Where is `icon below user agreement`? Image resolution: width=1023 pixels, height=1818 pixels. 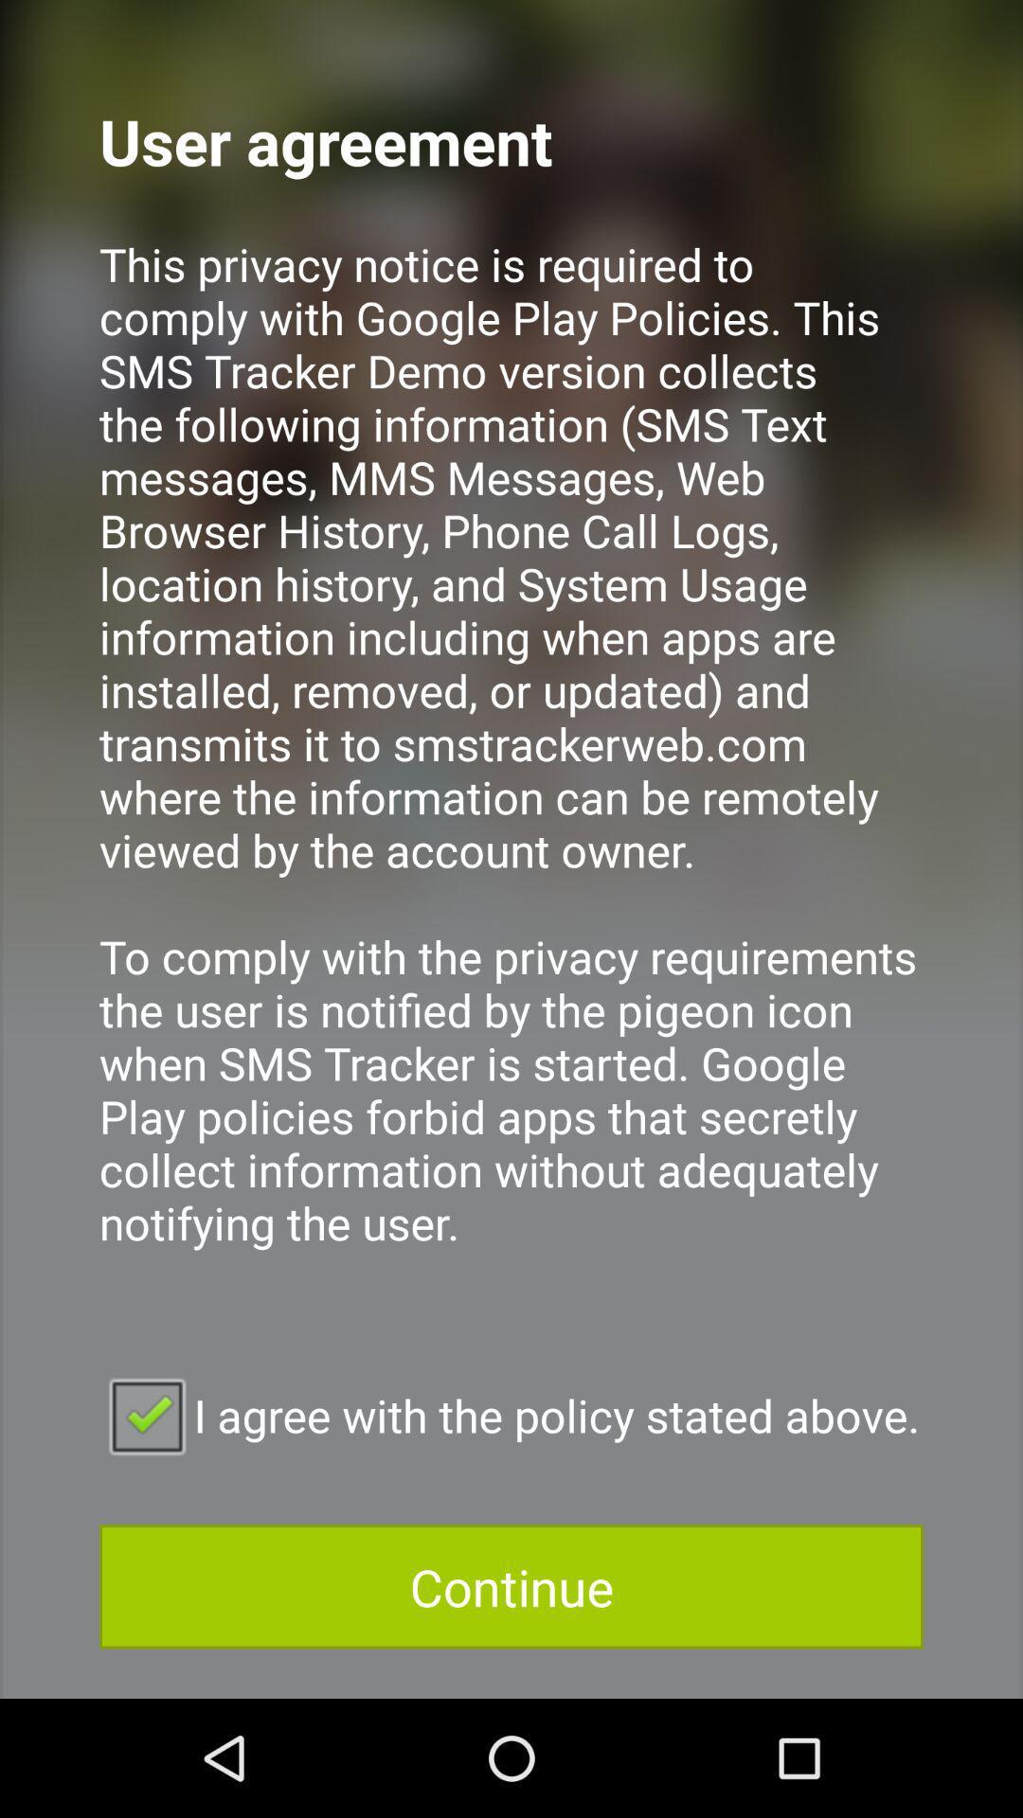 icon below user agreement is located at coordinates (511, 769).